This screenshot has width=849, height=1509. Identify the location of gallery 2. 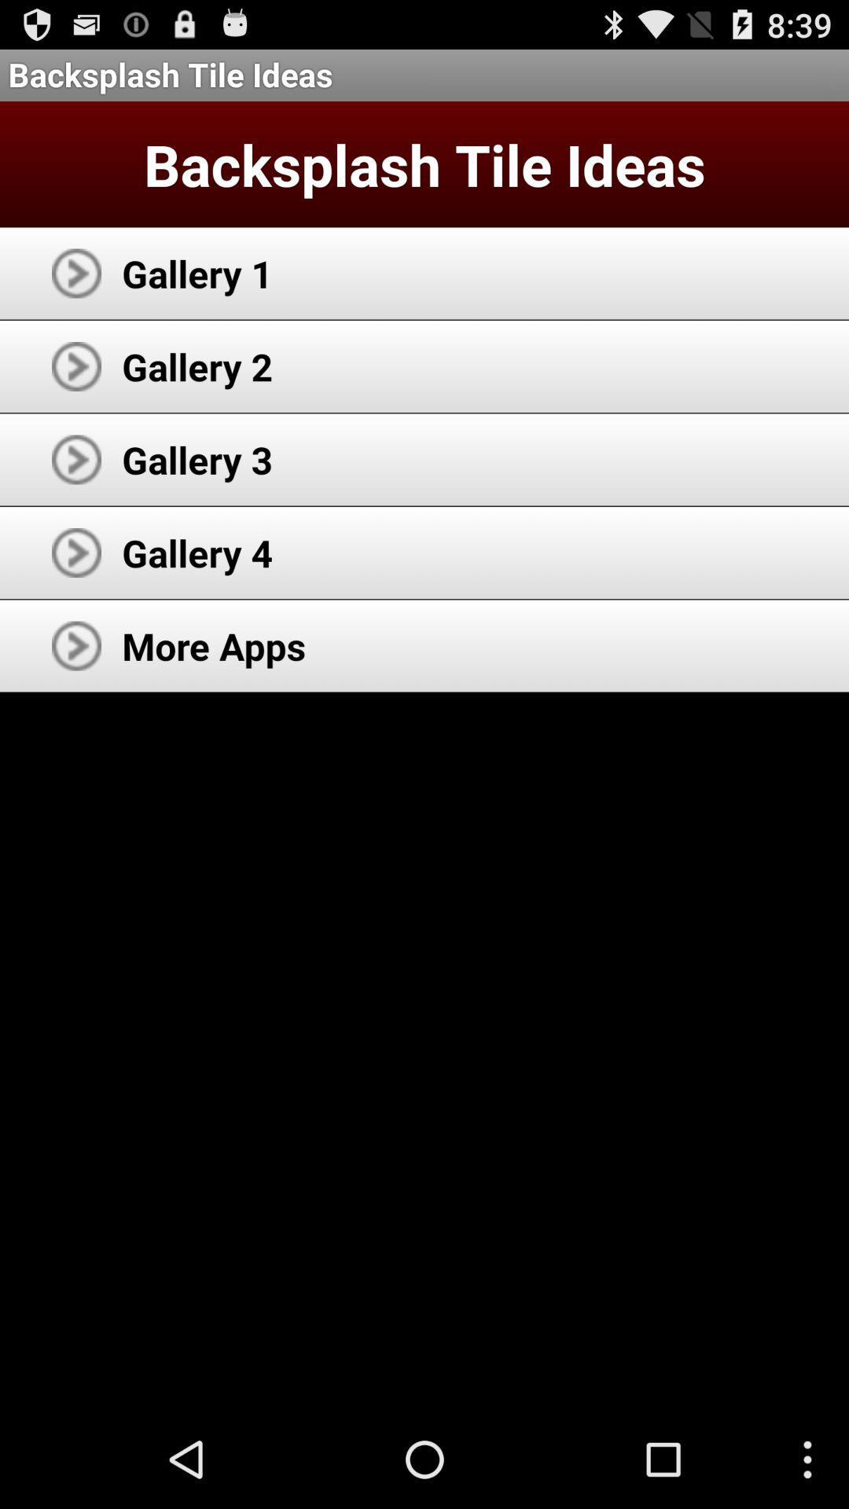
(197, 365).